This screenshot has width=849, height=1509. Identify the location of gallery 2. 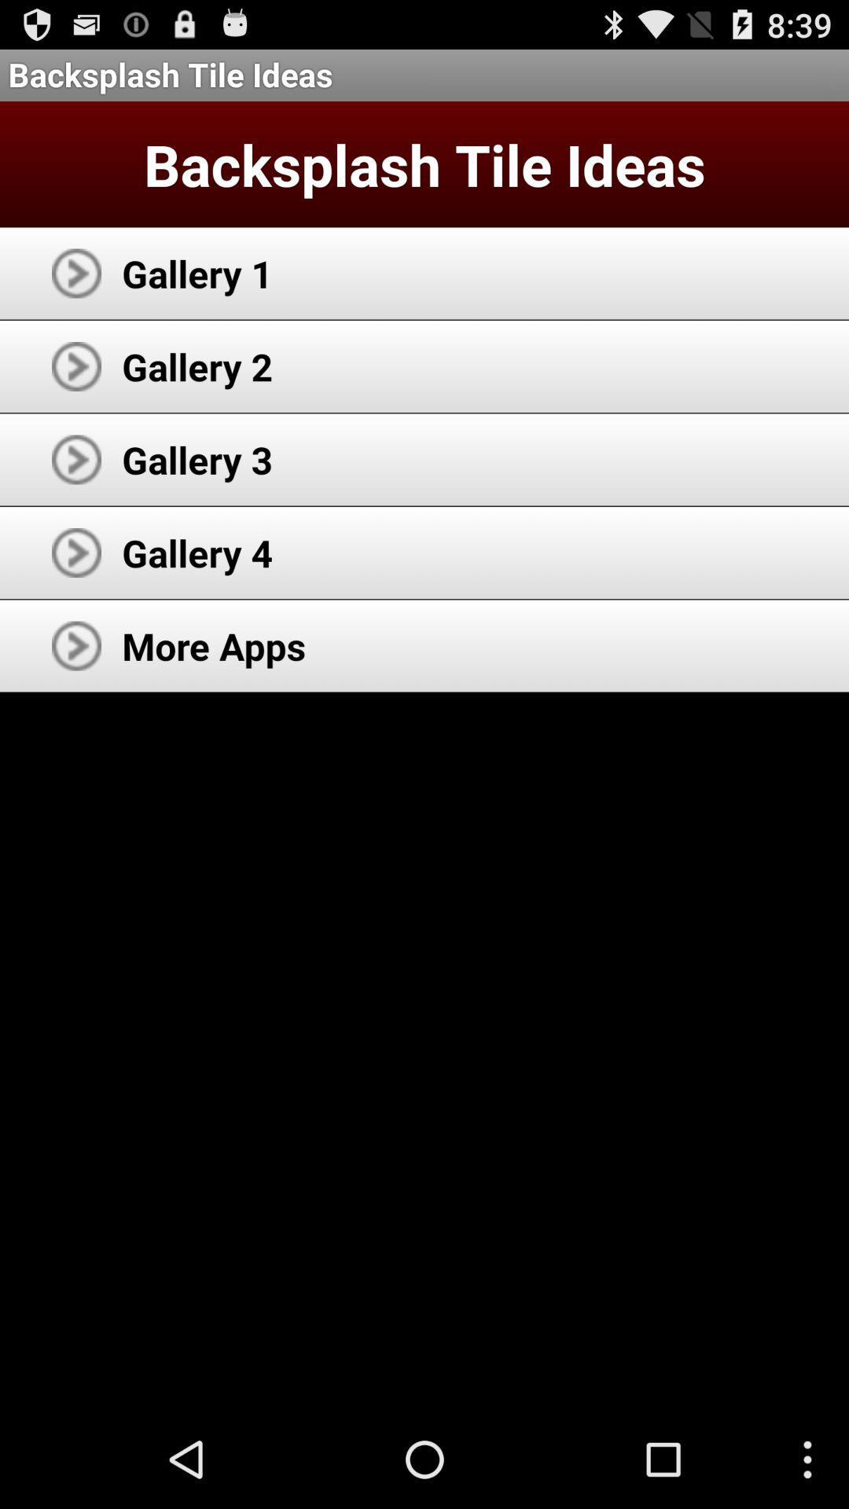
(197, 365).